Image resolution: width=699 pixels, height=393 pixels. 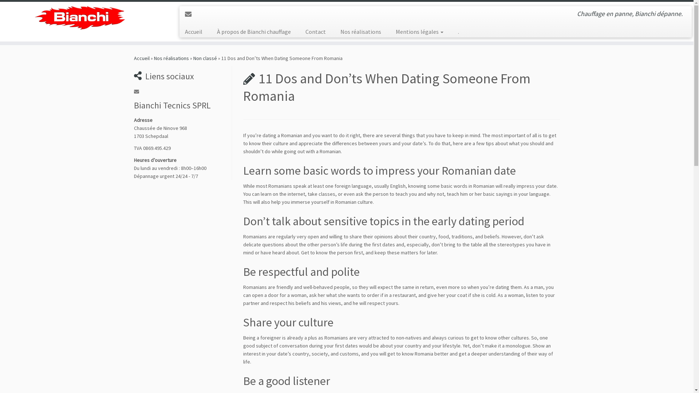 What do you see at coordinates (454, 31) in the screenshot?
I see `'.'` at bounding box center [454, 31].